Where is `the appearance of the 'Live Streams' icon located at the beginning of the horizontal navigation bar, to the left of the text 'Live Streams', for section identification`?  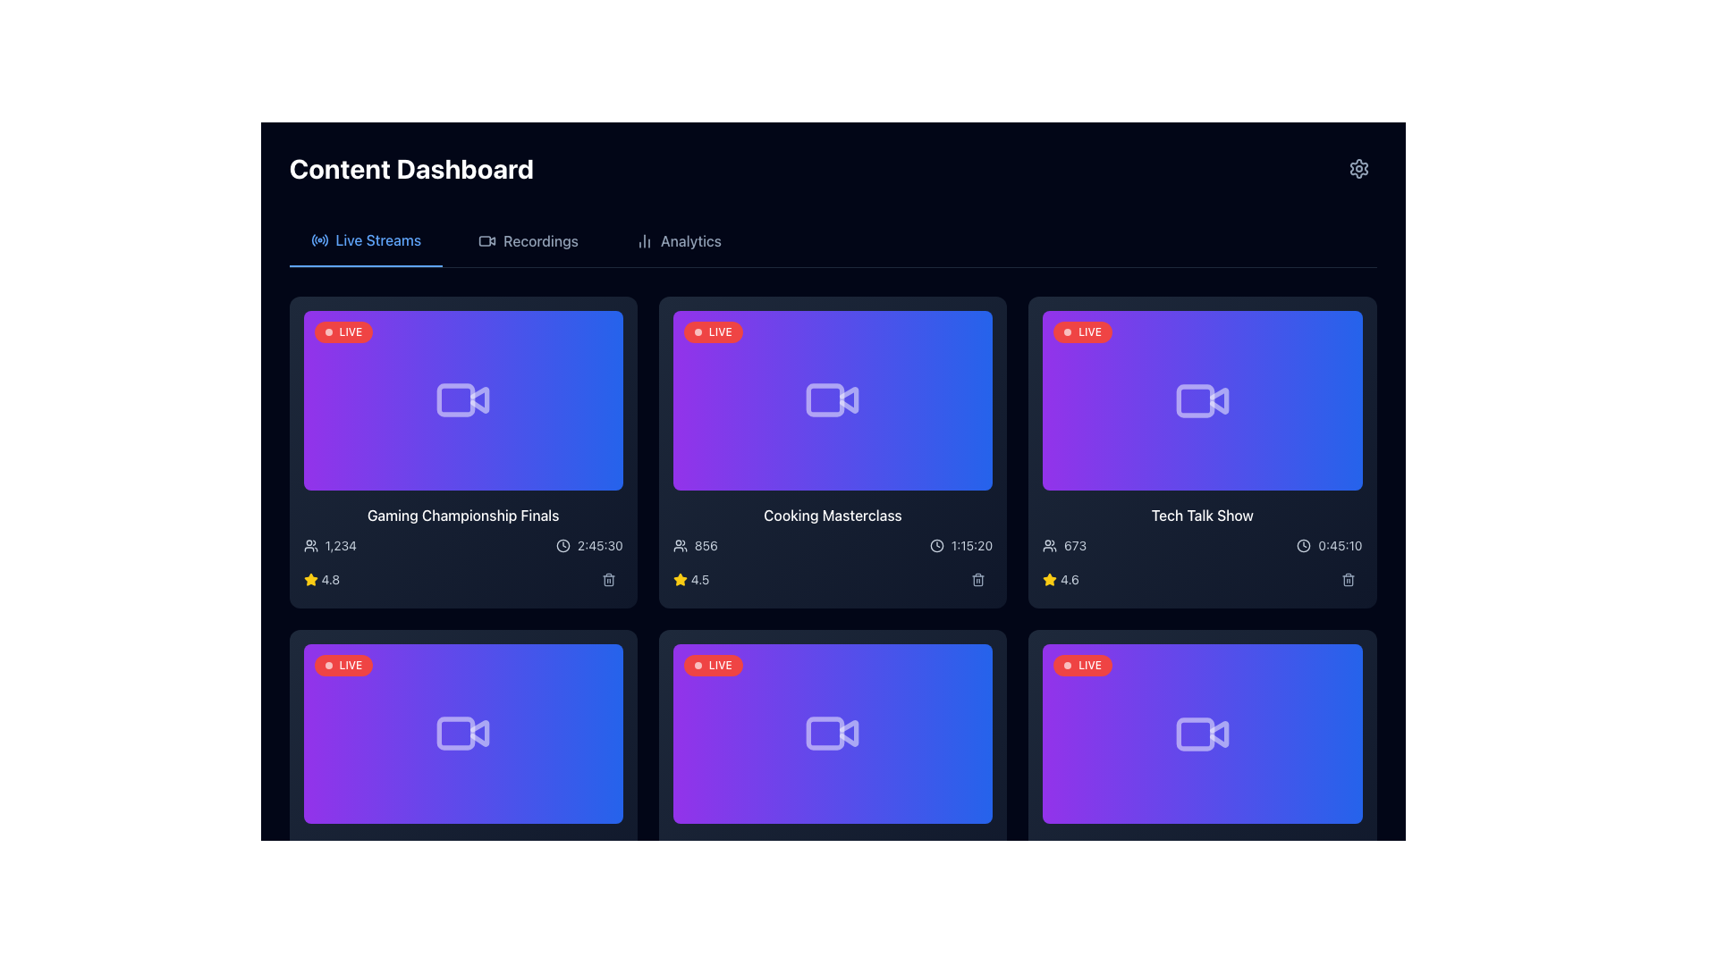
the appearance of the 'Live Streams' icon located at the beginning of the horizontal navigation bar, to the left of the text 'Live Streams', for section identification is located at coordinates (319, 239).